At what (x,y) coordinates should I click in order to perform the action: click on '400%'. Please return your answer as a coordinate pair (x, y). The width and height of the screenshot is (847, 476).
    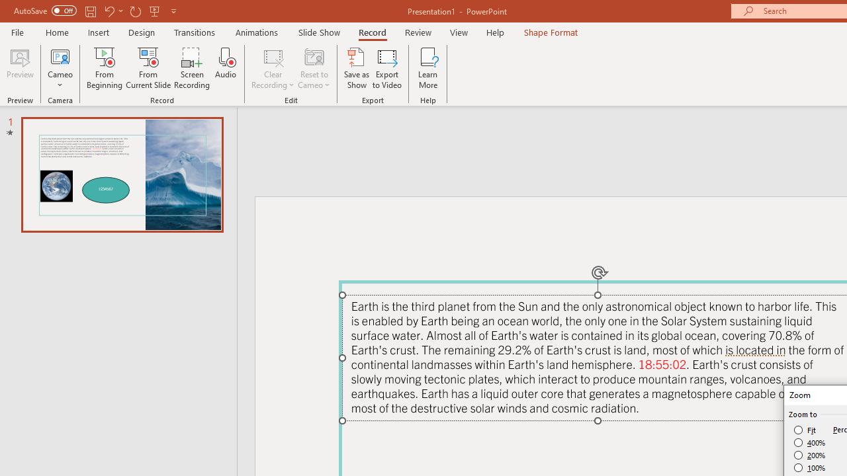
    Looking at the image, I should click on (809, 442).